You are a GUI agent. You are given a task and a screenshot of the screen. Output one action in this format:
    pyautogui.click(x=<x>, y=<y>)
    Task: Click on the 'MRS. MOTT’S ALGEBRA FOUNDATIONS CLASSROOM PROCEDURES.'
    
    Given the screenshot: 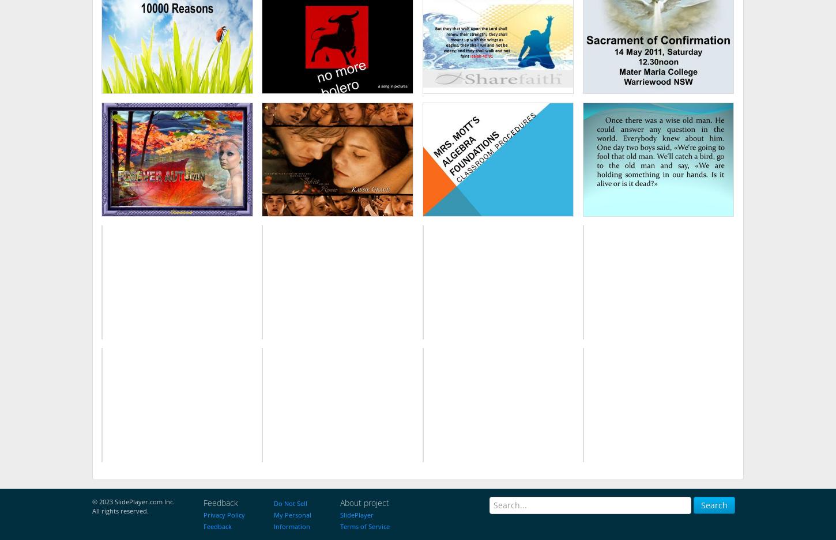 What is the action you would take?
    pyautogui.click(x=443, y=162)
    